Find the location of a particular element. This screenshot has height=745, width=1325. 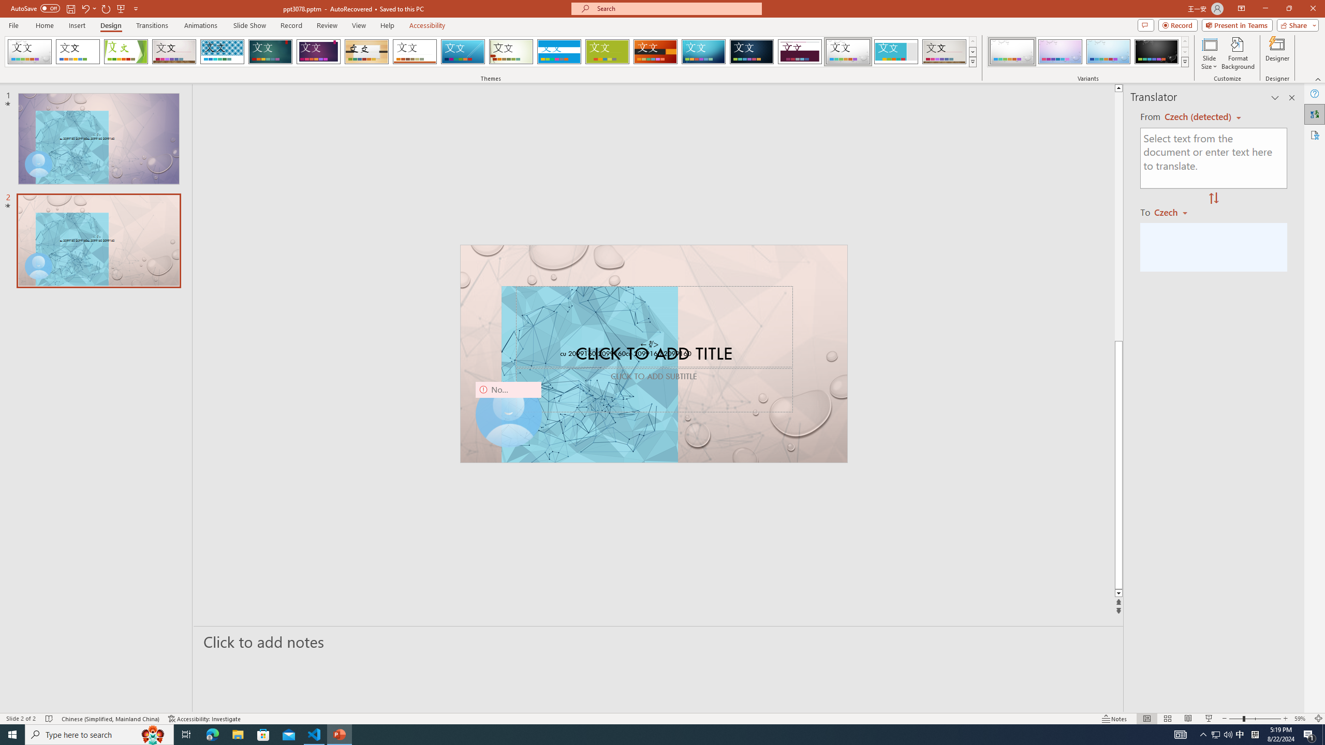

'Slide Size' is located at coordinates (1209, 53).